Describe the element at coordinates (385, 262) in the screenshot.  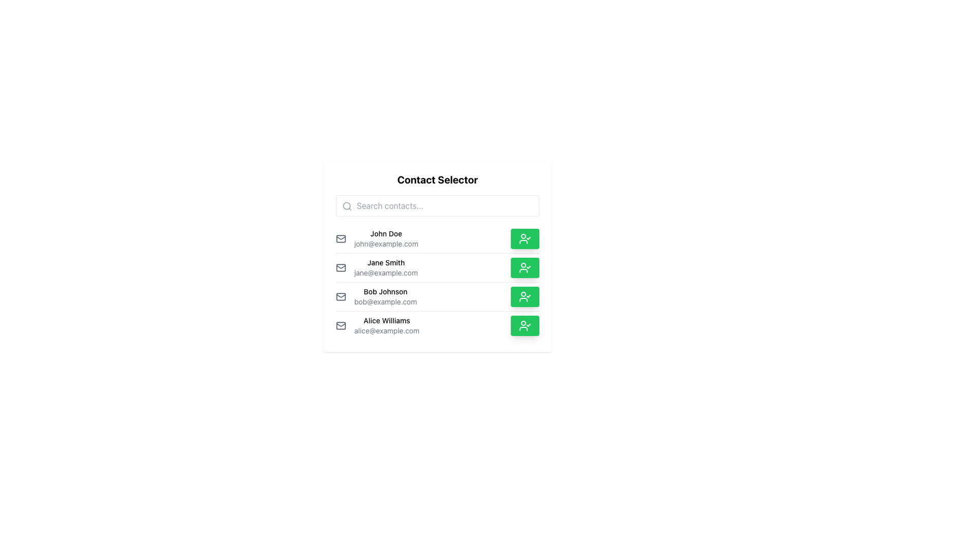
I see `the text displayed in the contact name label located in the second row of the contact list interface, just above the email address 'jane@example.com'` at that location.